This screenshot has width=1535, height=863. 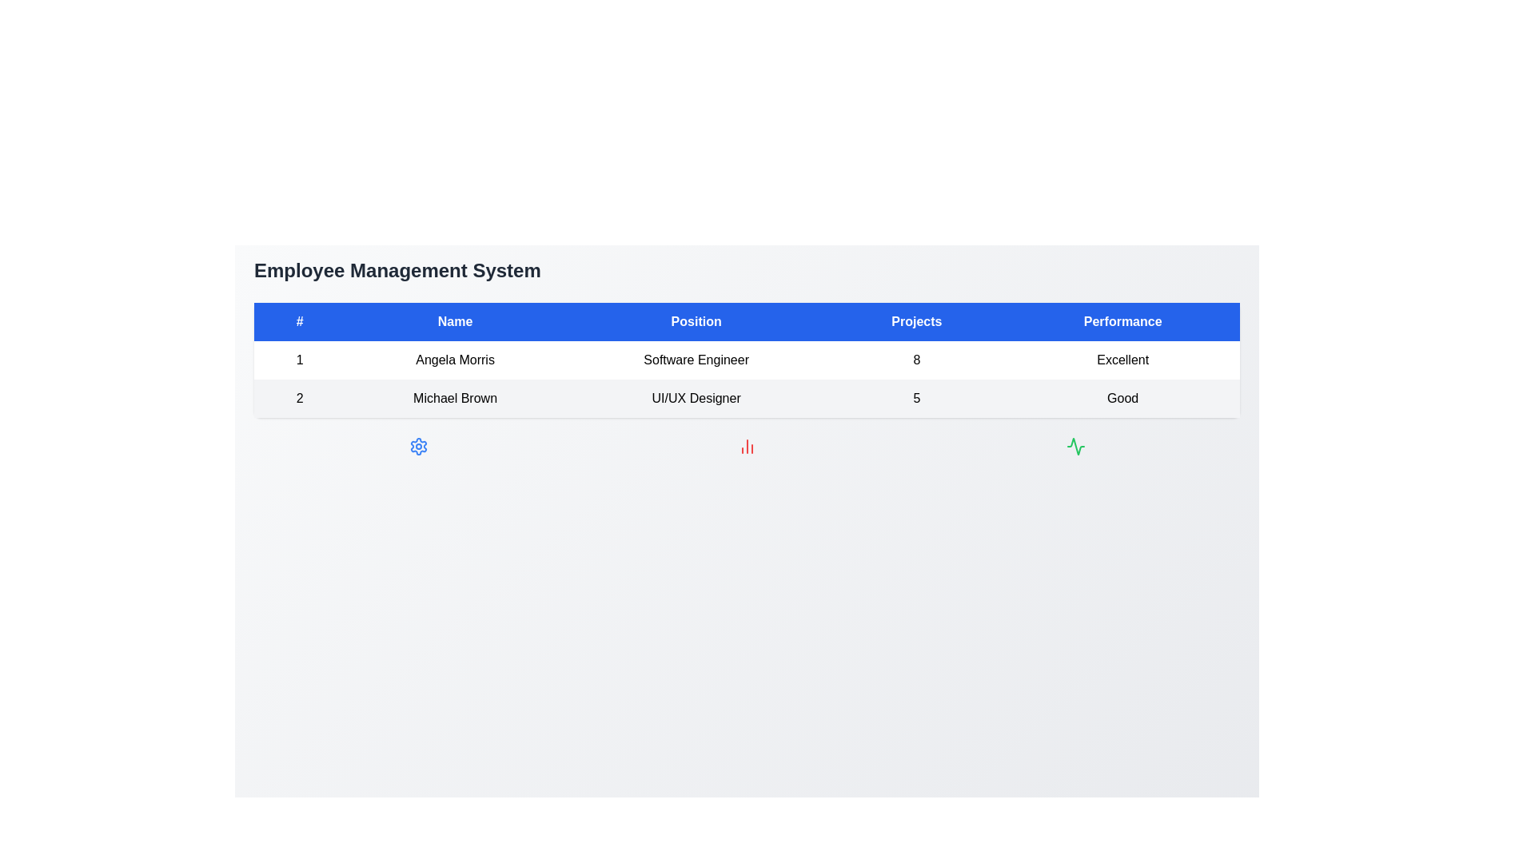 I want to click on the gear-shaped SVG icon located below the employee information table, so click(x=418, y=447).